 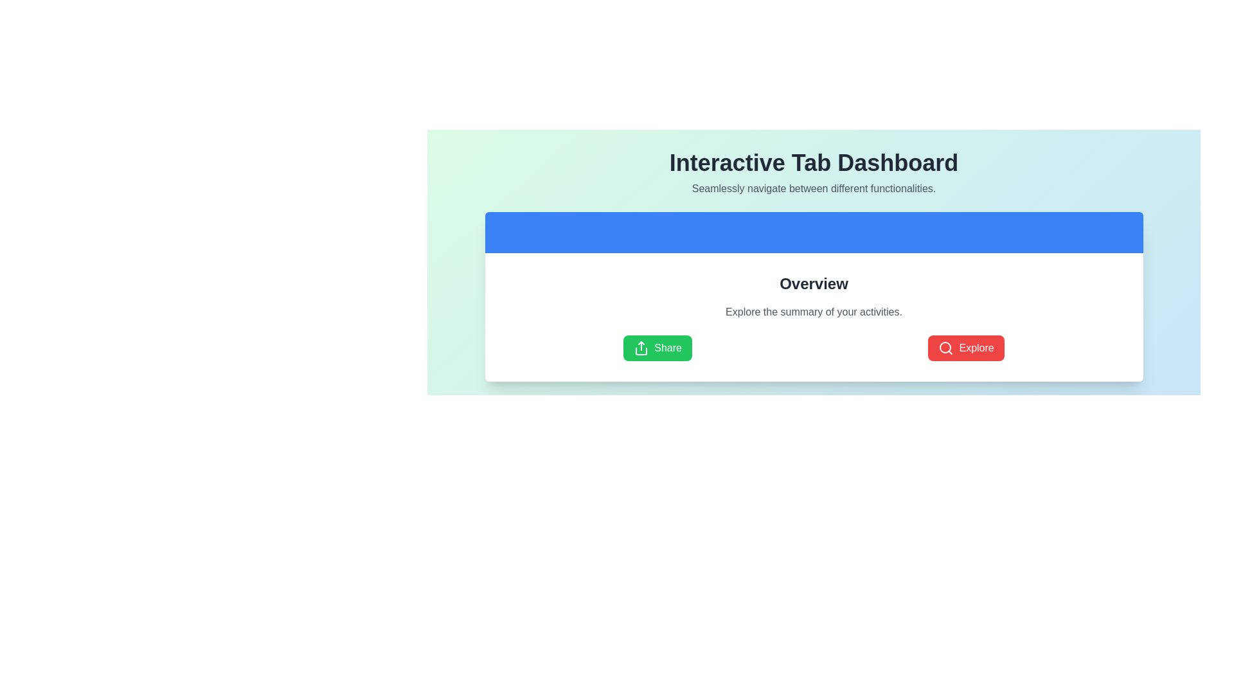 What do you see at coordinates (966, 348) in the screenshot?
I see `the exploration button located to the right of the green 'Share' button, which triggers a new view or action related to exploration` at bounding box center [966, 348].